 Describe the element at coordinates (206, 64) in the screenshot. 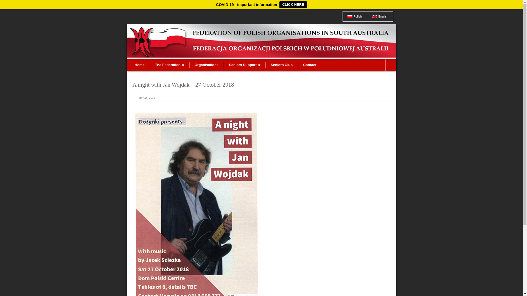

I see `'Organisations'` at that location.